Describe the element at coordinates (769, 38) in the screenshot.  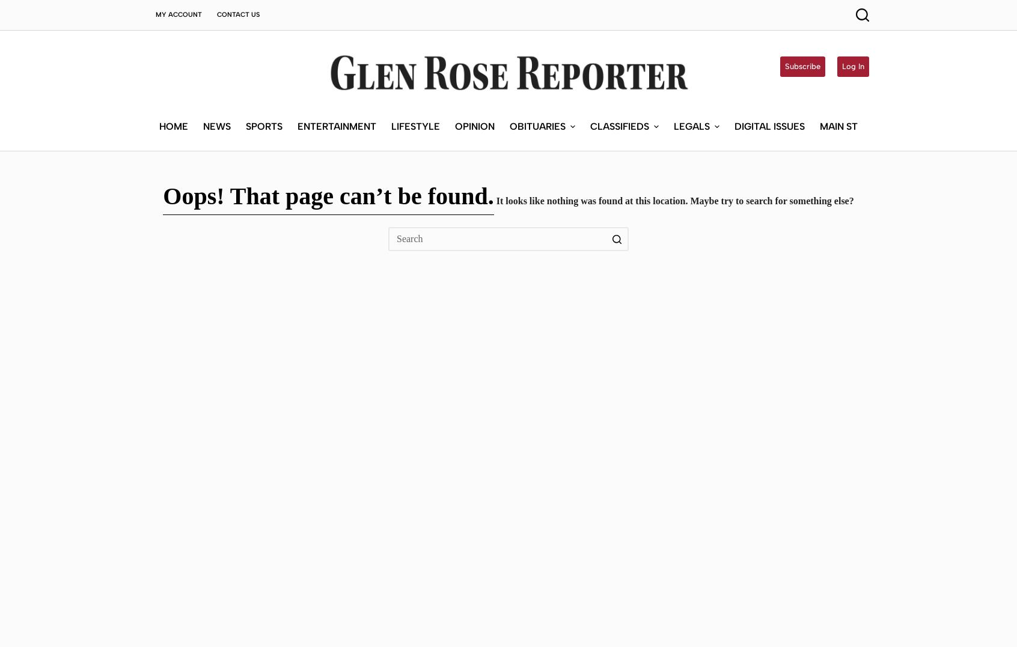
I see `'Digital Issues'` at that location.